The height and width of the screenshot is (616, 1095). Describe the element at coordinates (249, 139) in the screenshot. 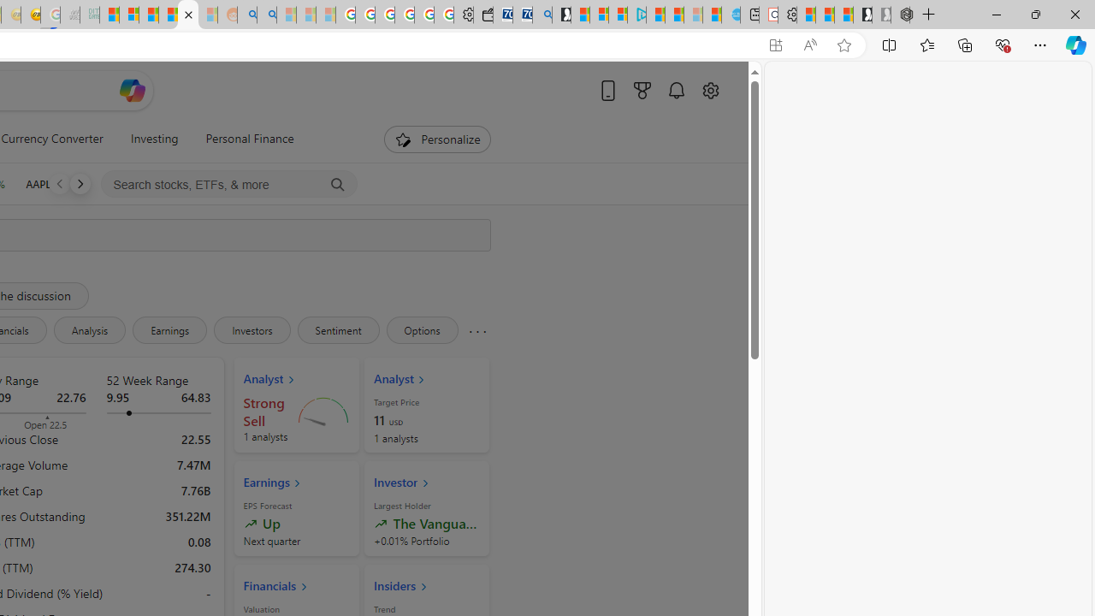

I see `'Personal Finance'` at that location.